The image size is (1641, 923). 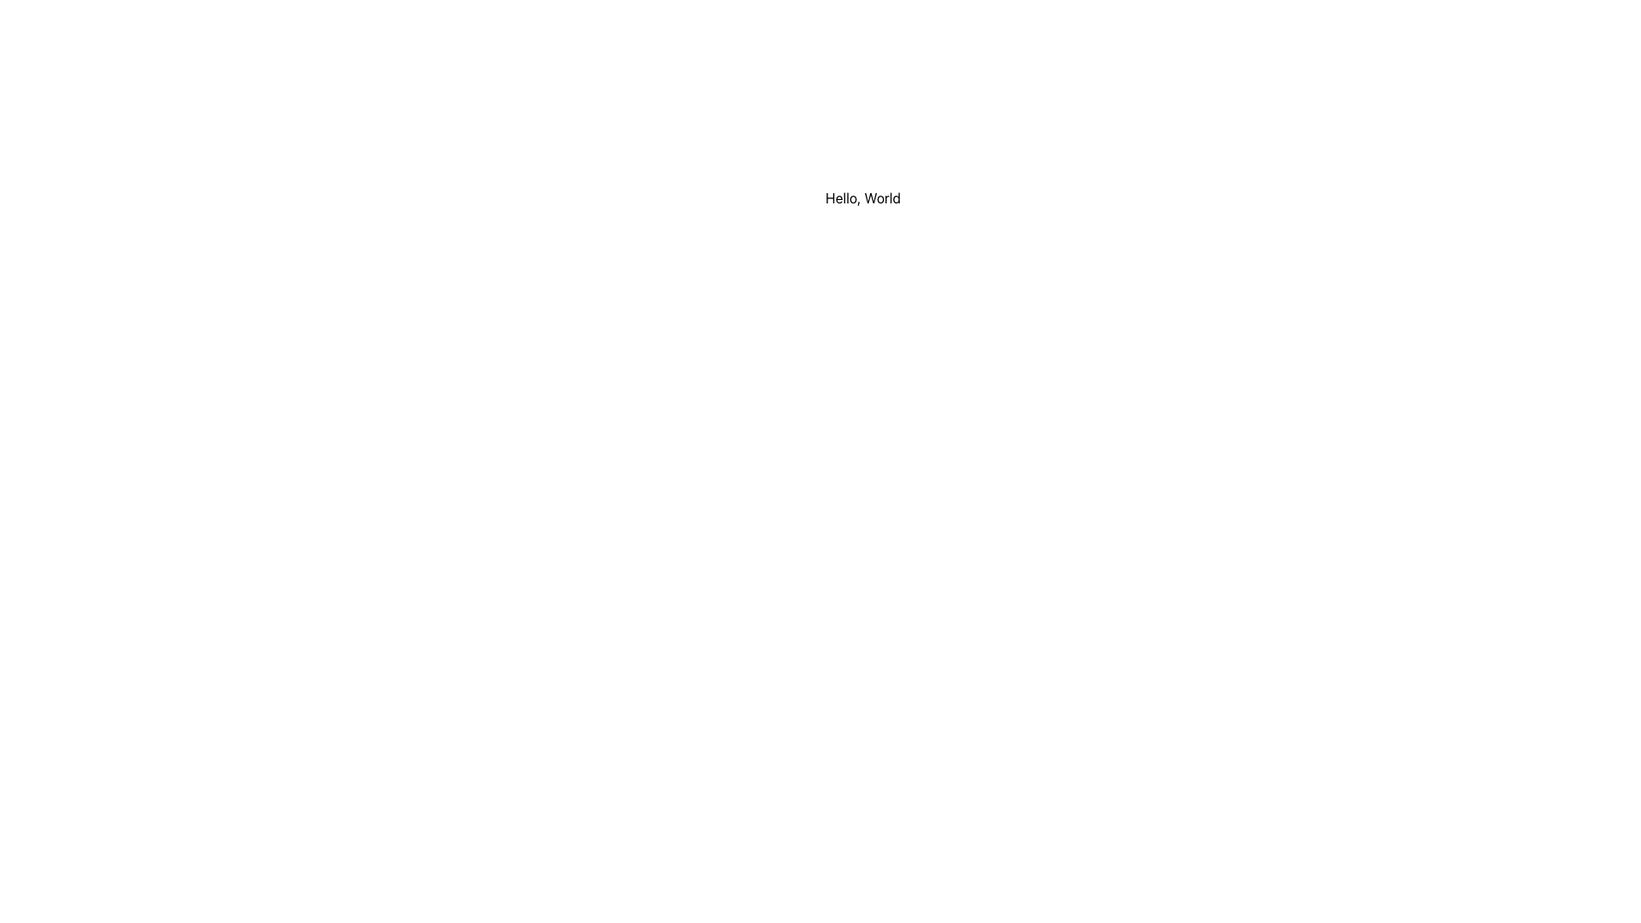 I want to click on the static text display element that shows the message 'Hello, World' to users, so click(x=862, y=197).